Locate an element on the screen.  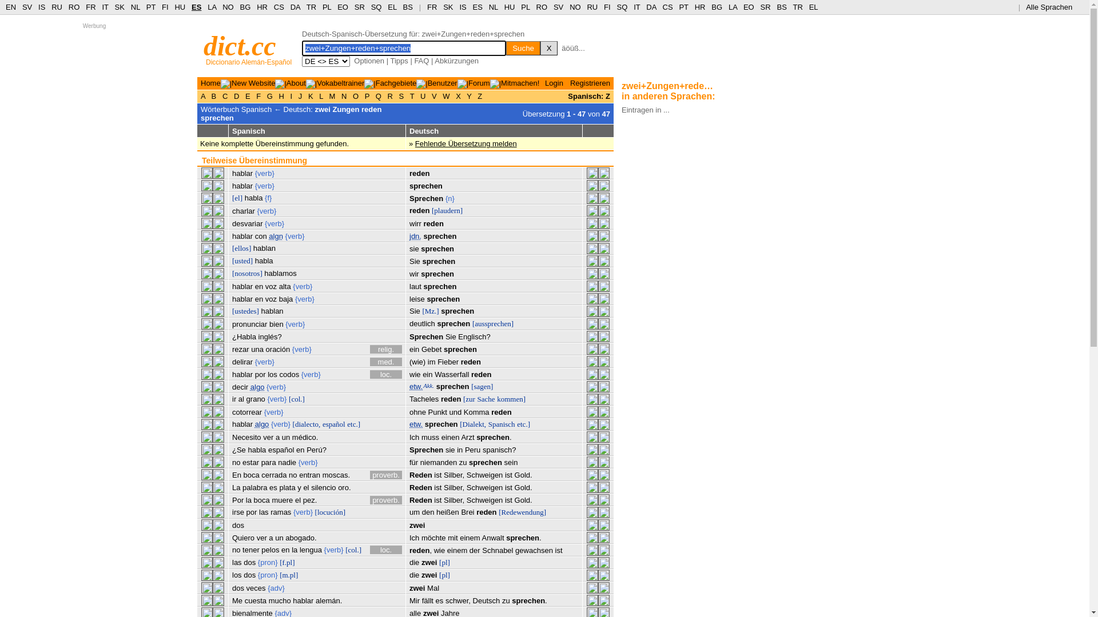
'HR' is located at coordinates (699, 7).